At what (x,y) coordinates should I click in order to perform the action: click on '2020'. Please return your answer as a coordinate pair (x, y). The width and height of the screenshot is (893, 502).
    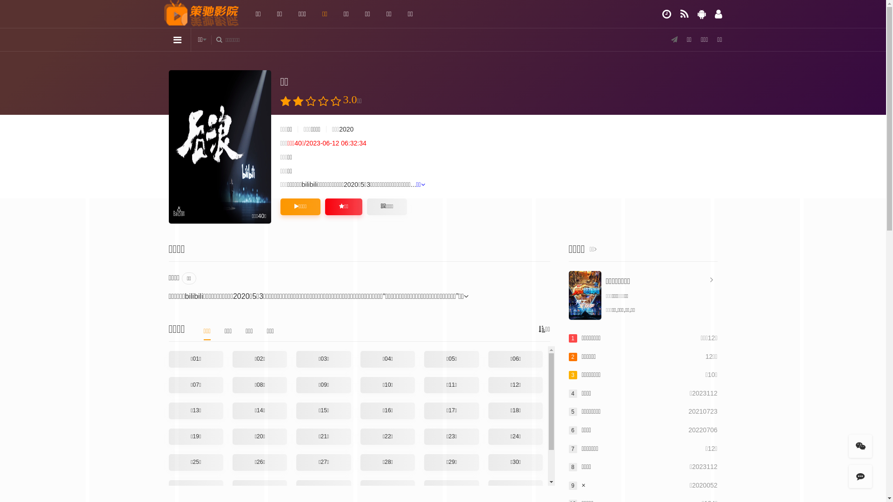
    Looking at the image, I should click on (346, 129).